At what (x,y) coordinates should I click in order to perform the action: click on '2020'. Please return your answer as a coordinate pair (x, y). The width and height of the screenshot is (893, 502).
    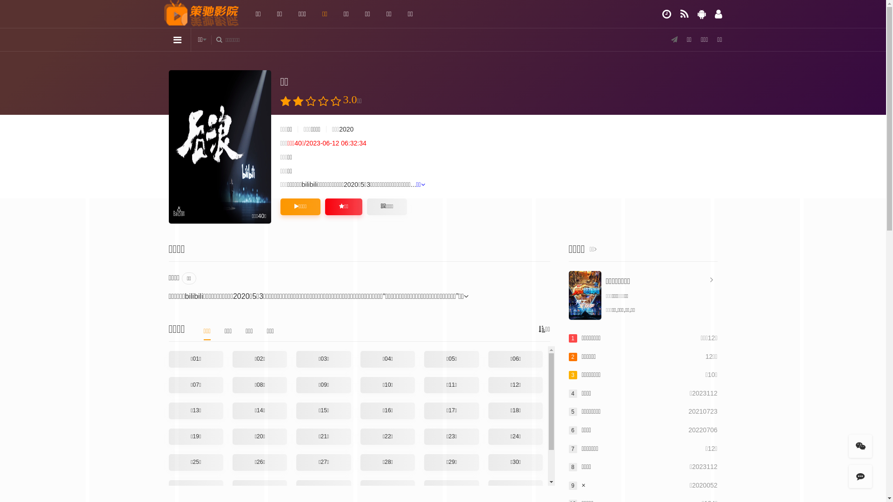
    Looking at the image, I should click on (346, 129).